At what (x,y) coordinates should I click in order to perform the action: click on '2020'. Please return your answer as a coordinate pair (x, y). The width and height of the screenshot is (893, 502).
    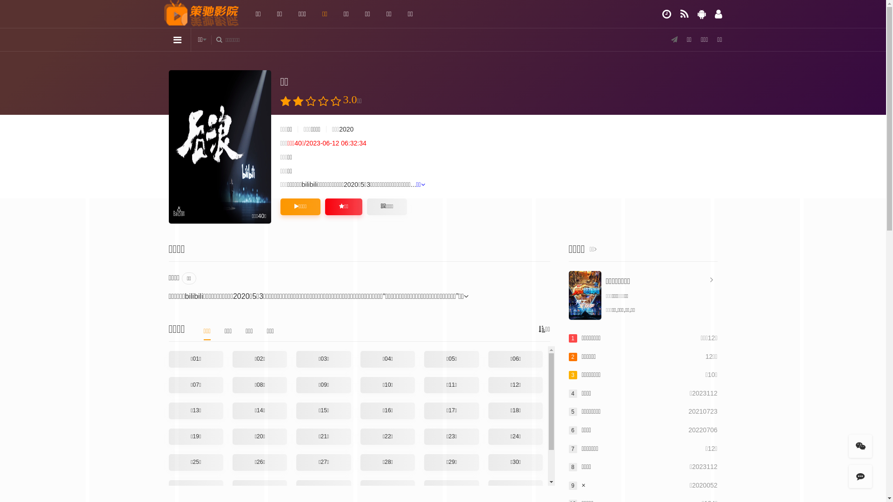
    Looking at the image, I should click on (346, 129).